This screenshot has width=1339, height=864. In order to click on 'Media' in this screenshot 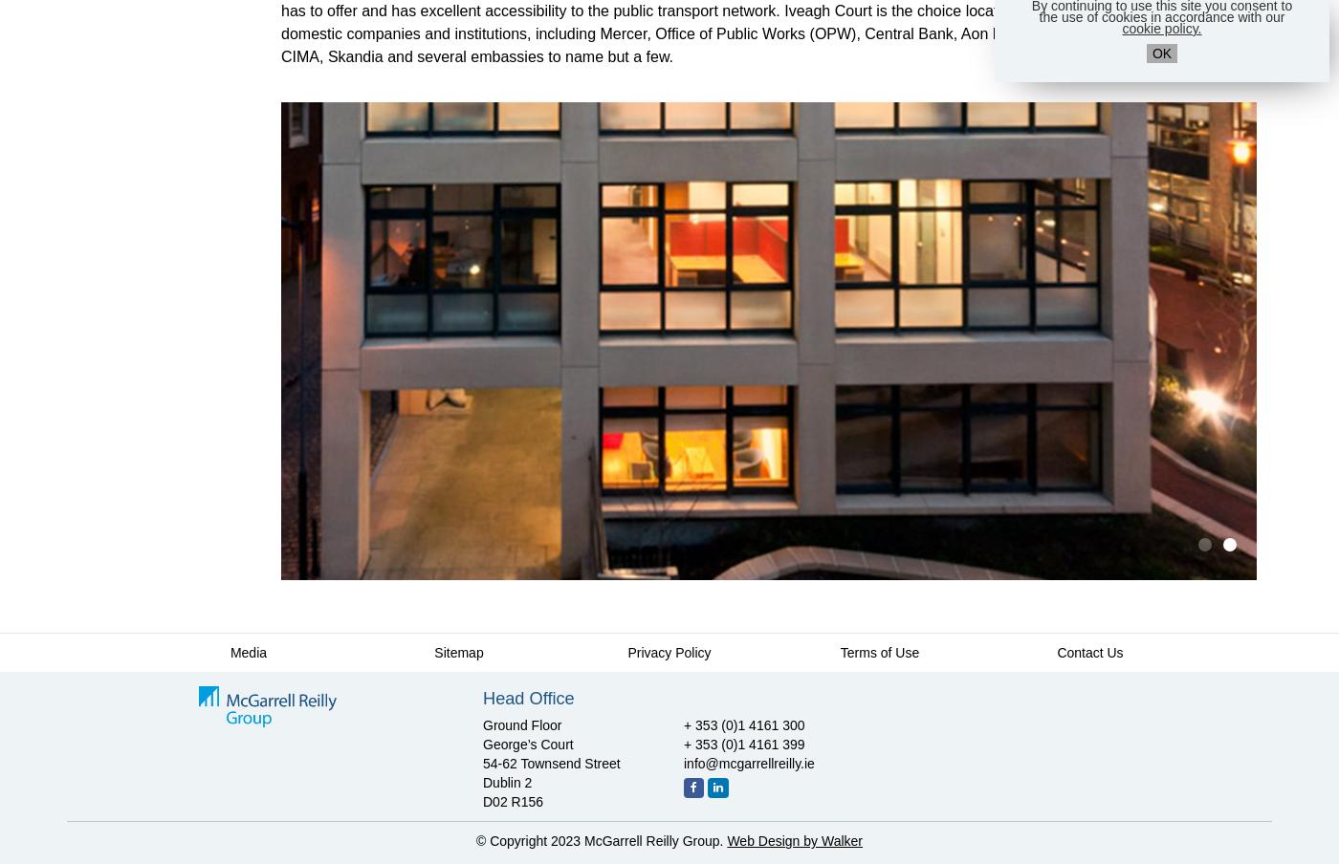, I will do `click(248, 651)`.